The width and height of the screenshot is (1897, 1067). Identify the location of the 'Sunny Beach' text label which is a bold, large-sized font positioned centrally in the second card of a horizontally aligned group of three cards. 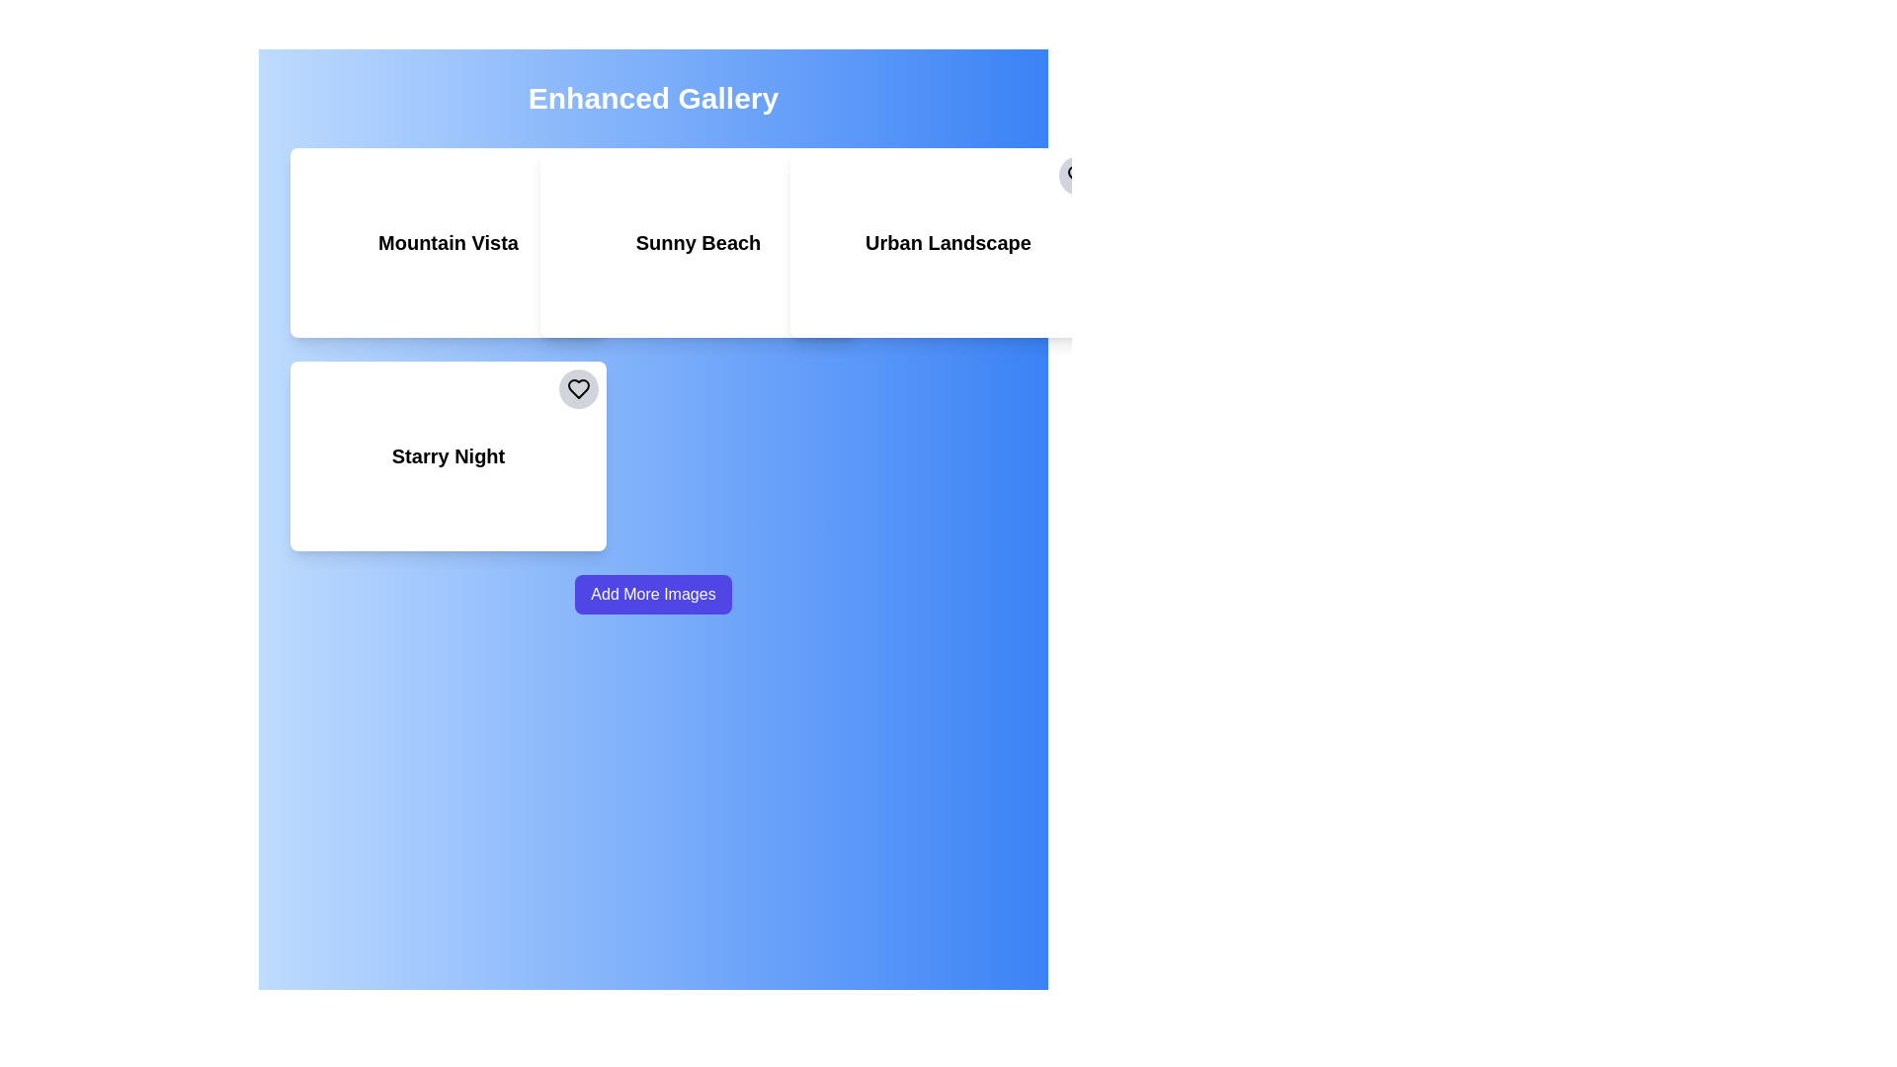
(698, 242).